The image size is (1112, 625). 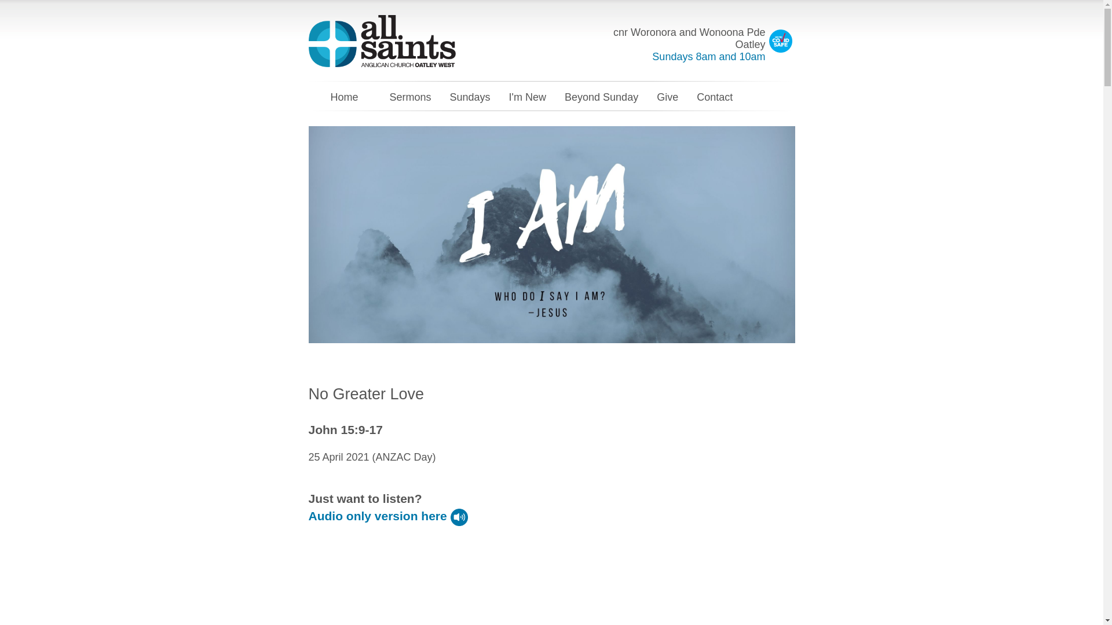 I want to click on 'Contact', so click(x=696, y=97).